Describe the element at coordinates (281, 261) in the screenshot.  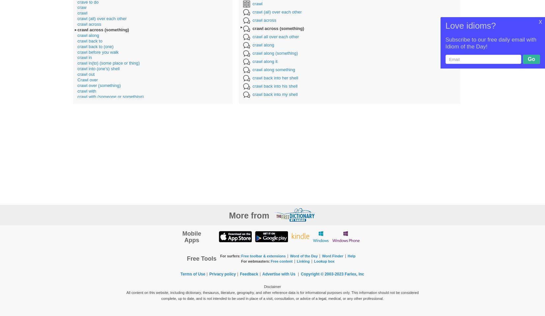
I see `'Free content'` at that location.